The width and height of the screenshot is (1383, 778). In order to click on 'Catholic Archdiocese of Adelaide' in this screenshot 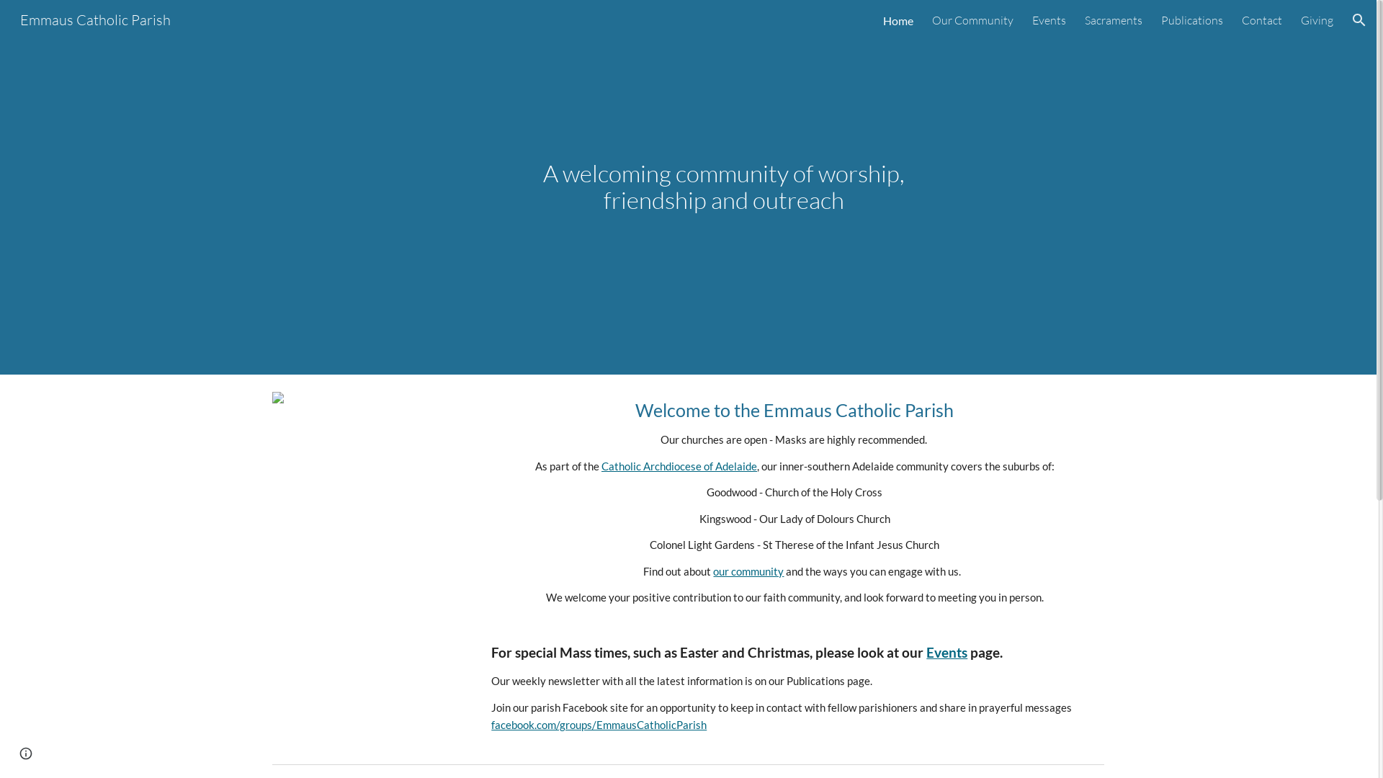, I will do `click(678, 466)`.